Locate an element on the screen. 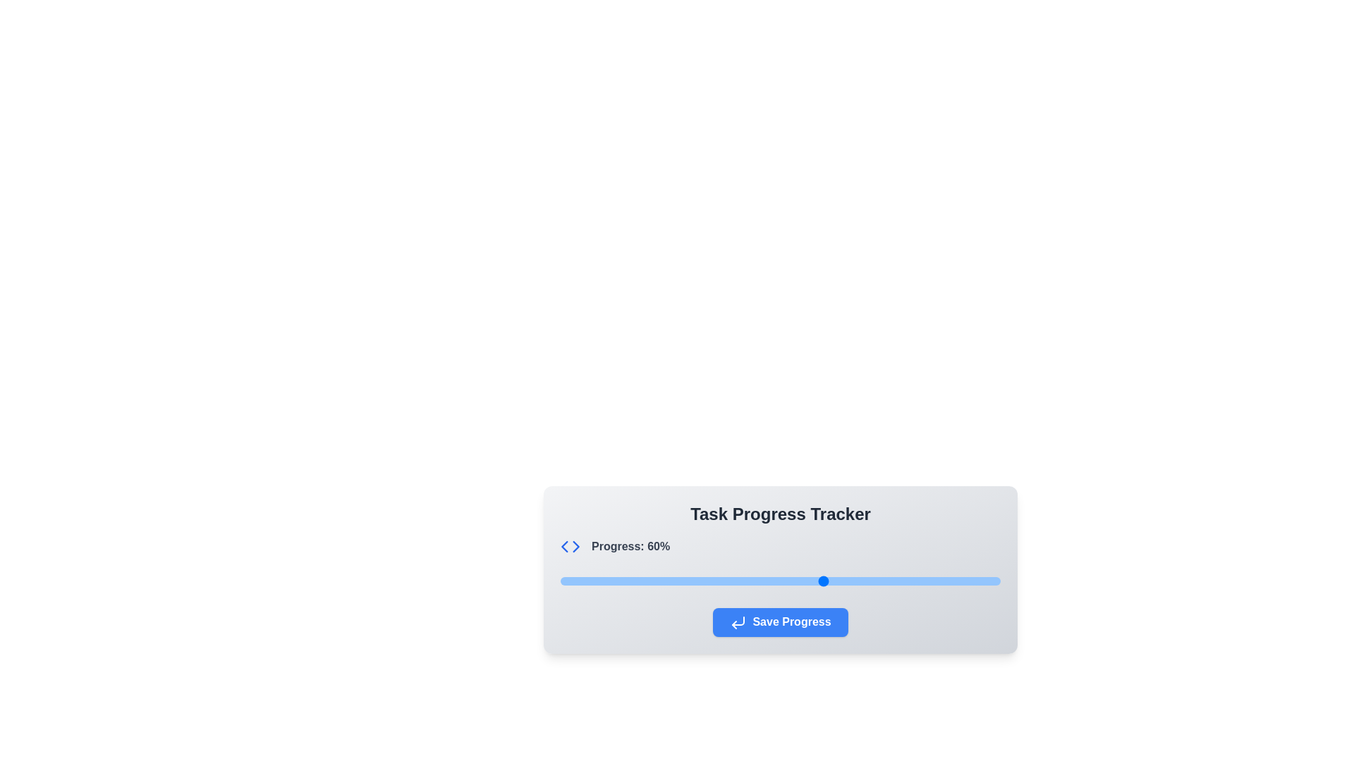 This screenshot has width=1354, height=761. the progress slider to 81% is located at coordinates (917, 581).